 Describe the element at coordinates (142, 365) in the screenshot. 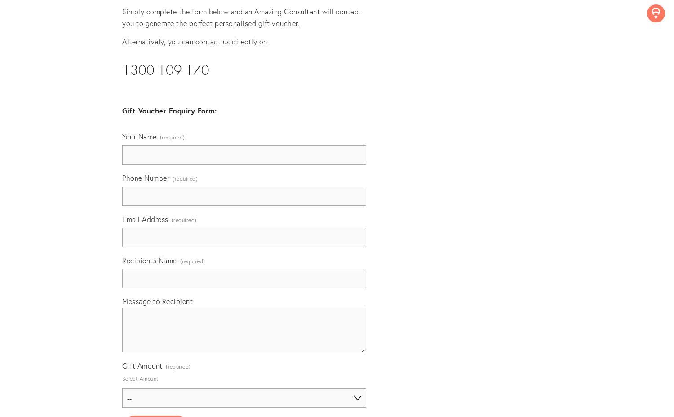

I see `'Gift Amount'` at that location.